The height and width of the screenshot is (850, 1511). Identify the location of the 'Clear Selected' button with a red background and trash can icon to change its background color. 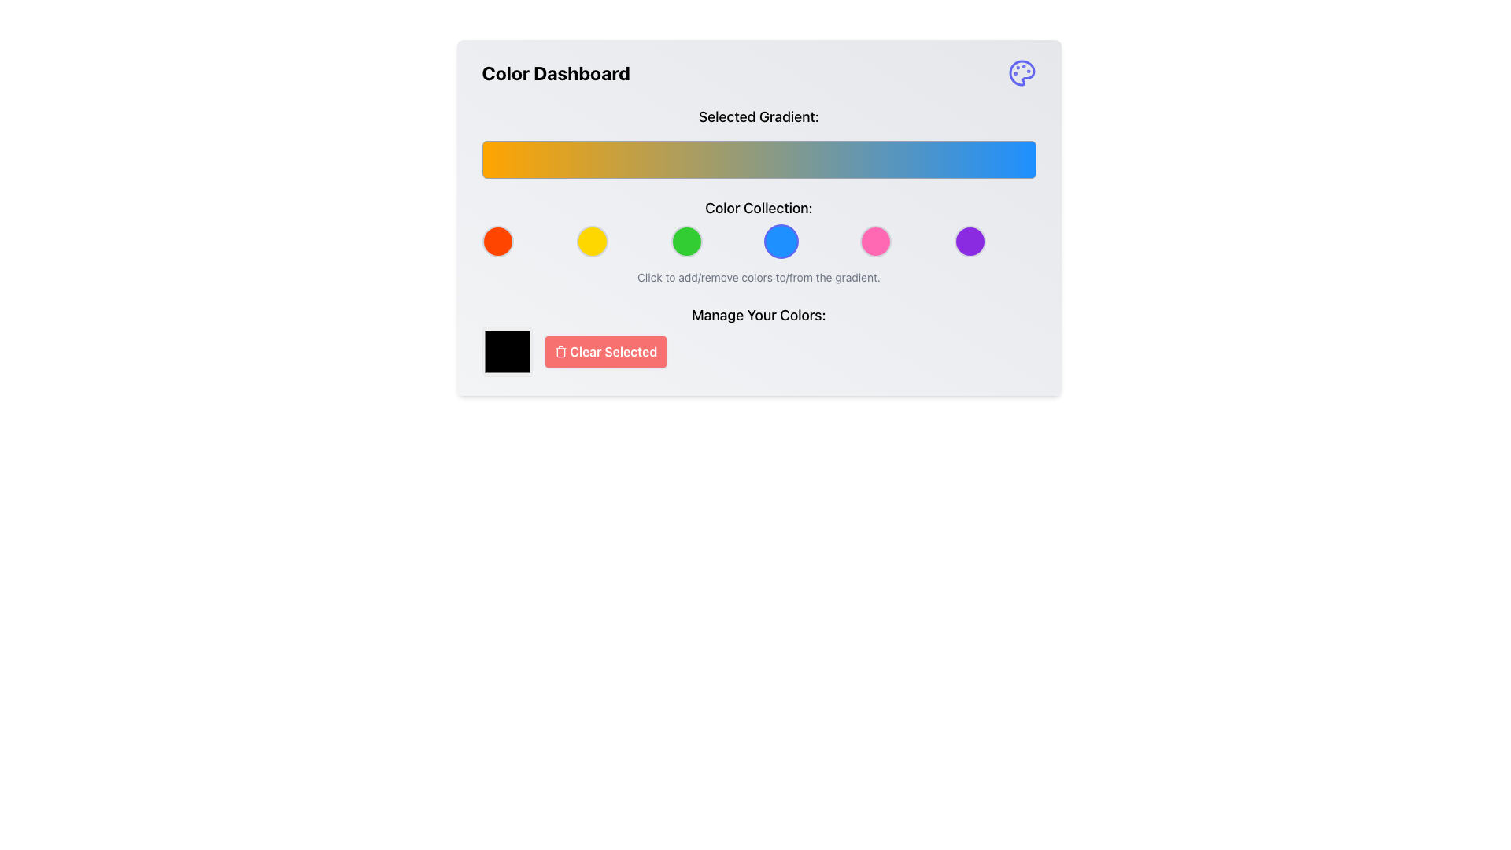
(604, 351).